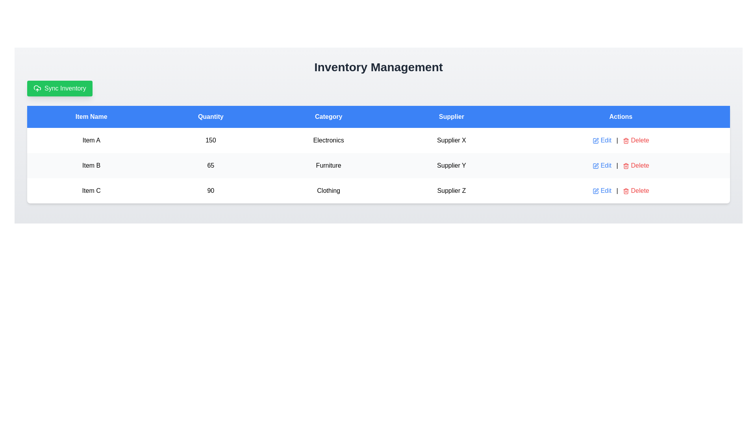 The image size is (756, 425). Describe the element at coordinates (595, 165) in the screenshot. I see `the edit icon in the Actions column for Item B` at that location.